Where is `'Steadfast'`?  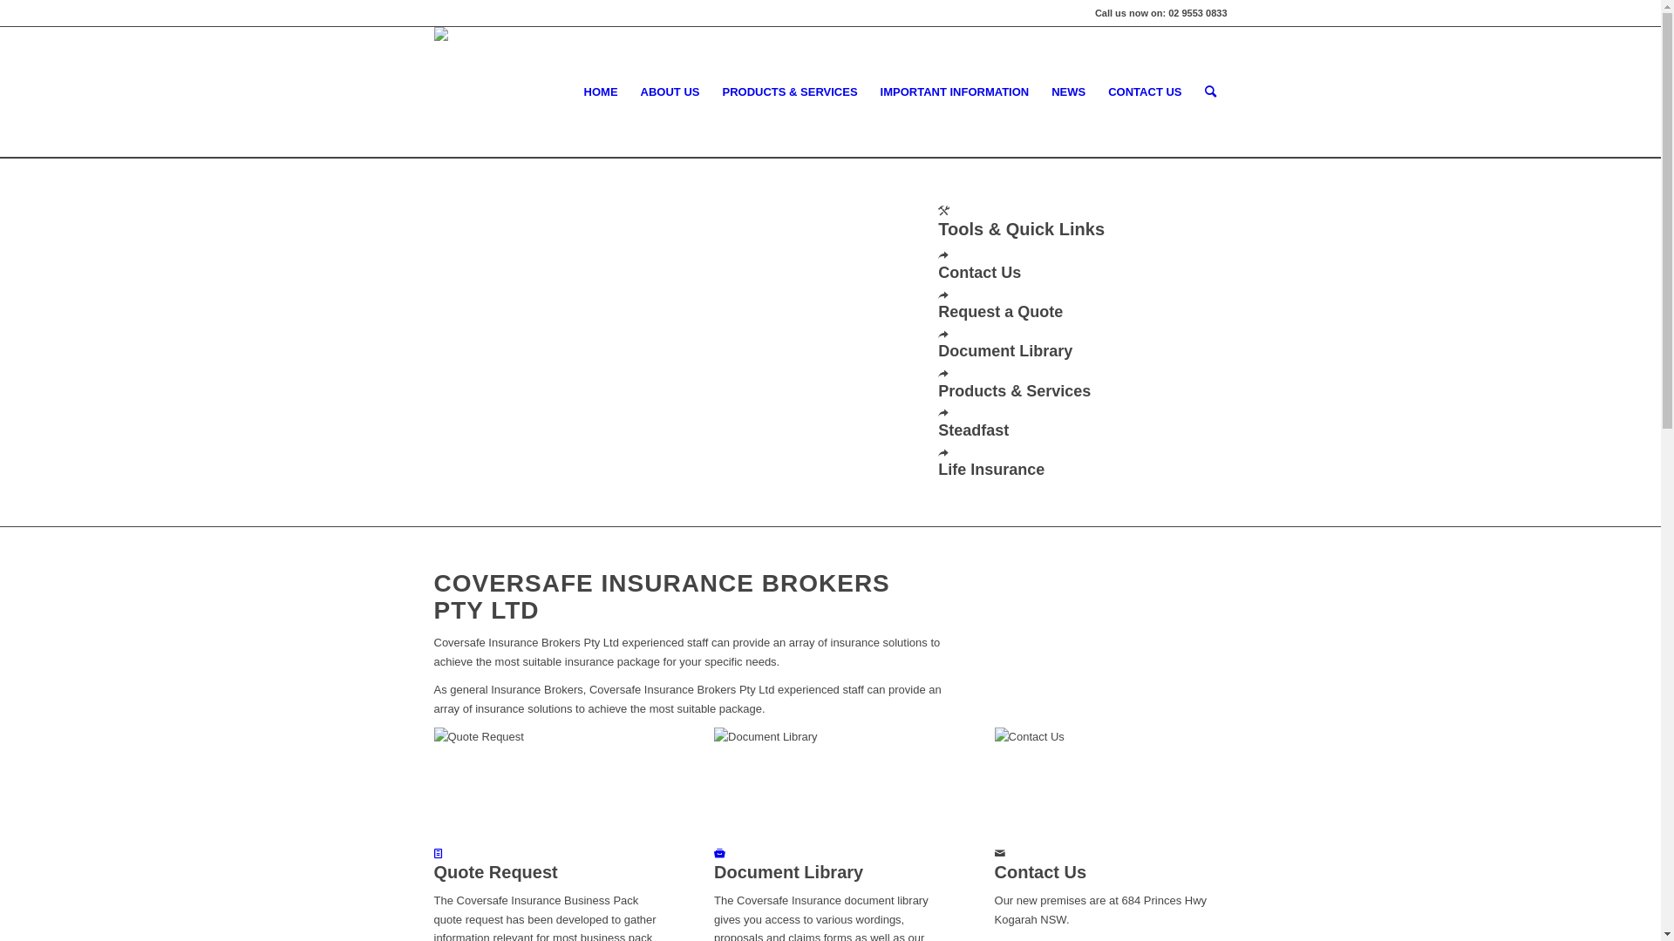 'Steadfast' is located at coordinates (972, 430).